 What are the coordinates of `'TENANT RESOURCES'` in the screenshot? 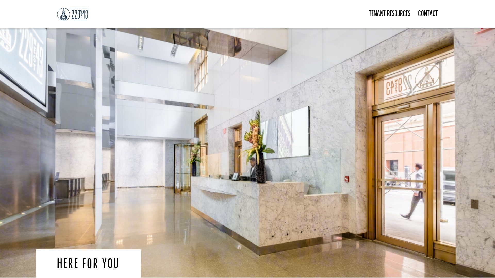 It's located at (369, 14).